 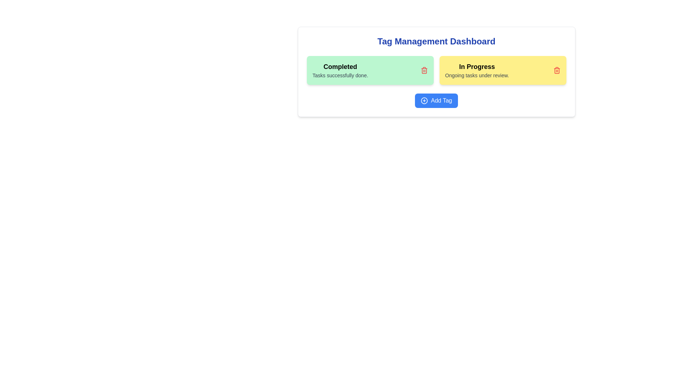 I want to click on text from the 'In Progress' label which is emphasized in bold black and describes ongoing tasks under review, located inside a yellow rectangle in the Tag Management Dashboard, so click(x=477, y=70).